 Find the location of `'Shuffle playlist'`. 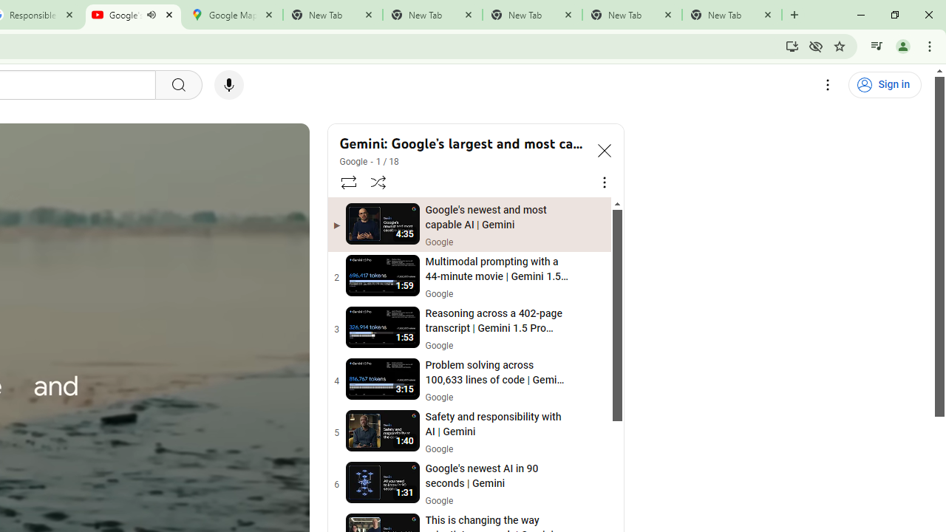

'Shuffle playlist' is located at coordinates (378, 181).